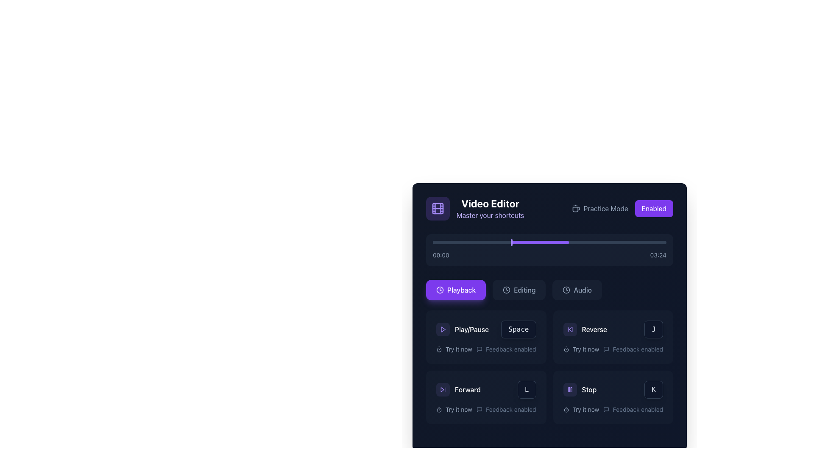 The width and height of the screenshot is (814, 458). I want to click on the coffee cup icon with three steam lines, which is located in the toolbar to the left of the 'Practice Mode' text, so click(576, 209).